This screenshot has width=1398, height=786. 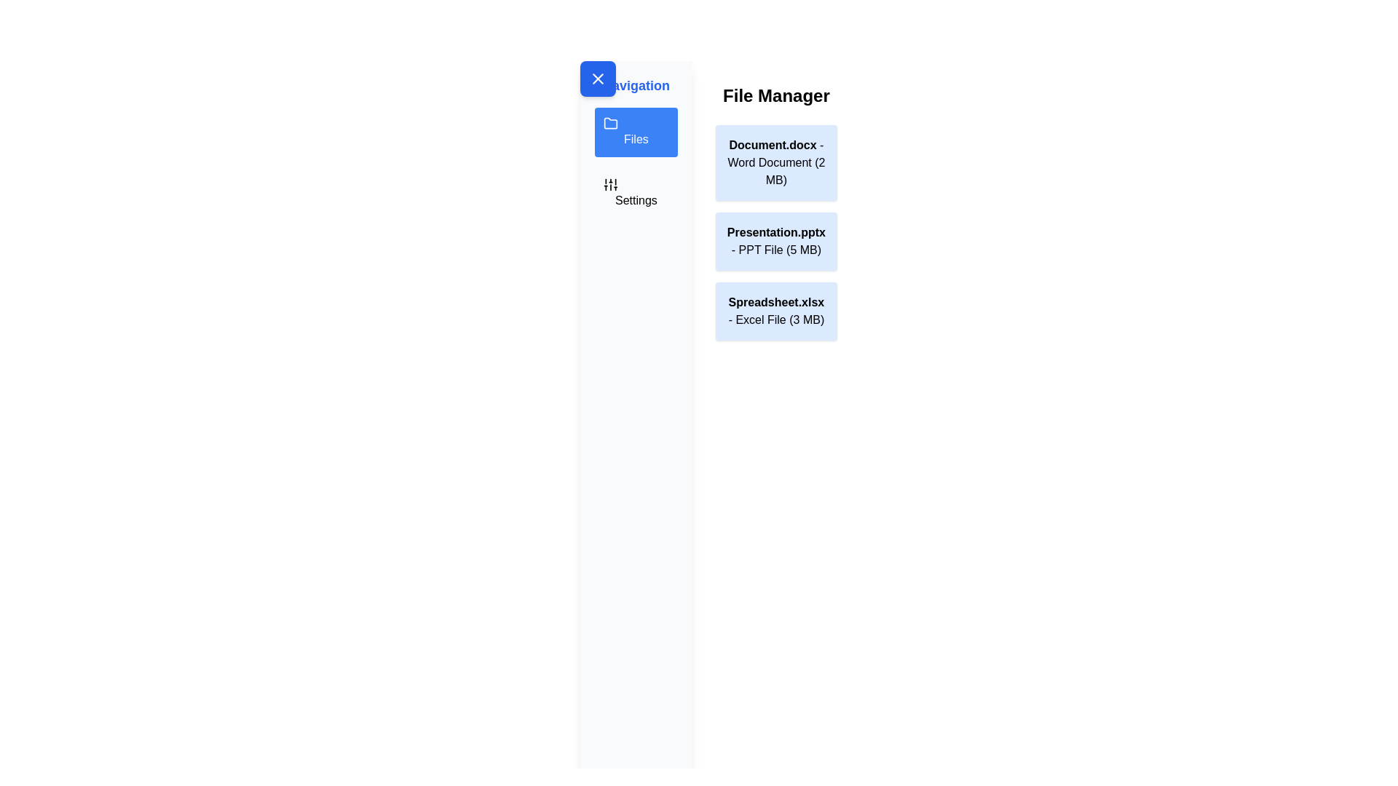 I want to click on the bold text label displaying 'File Manager' located at the top center-right of the content area, so click(x=775, y=95).